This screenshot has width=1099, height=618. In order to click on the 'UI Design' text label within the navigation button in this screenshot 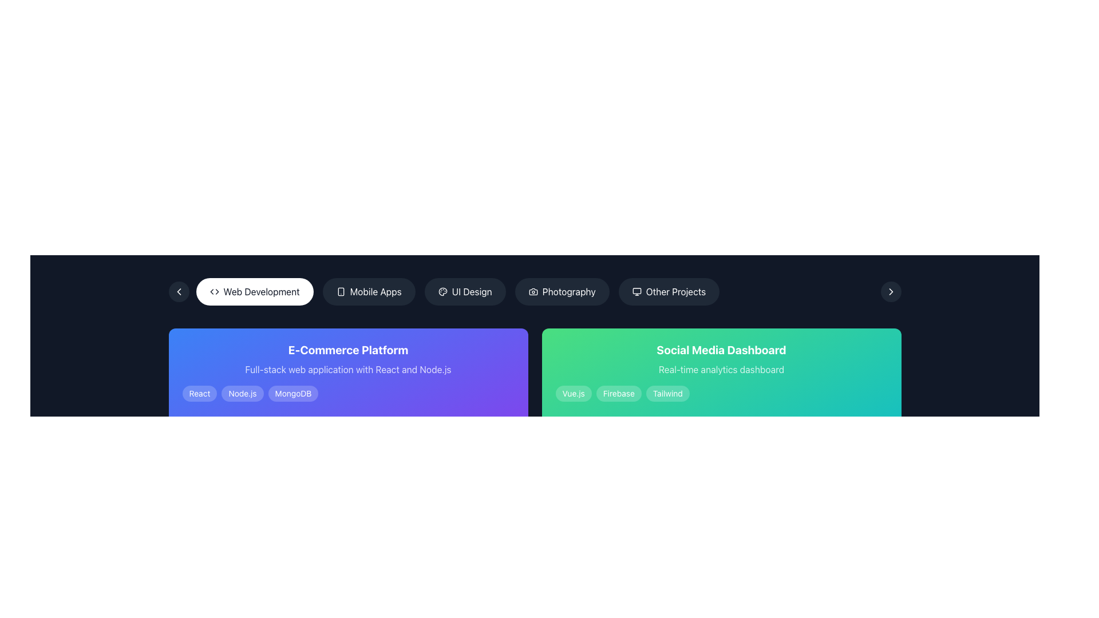, I will do `click(472, 291)`.